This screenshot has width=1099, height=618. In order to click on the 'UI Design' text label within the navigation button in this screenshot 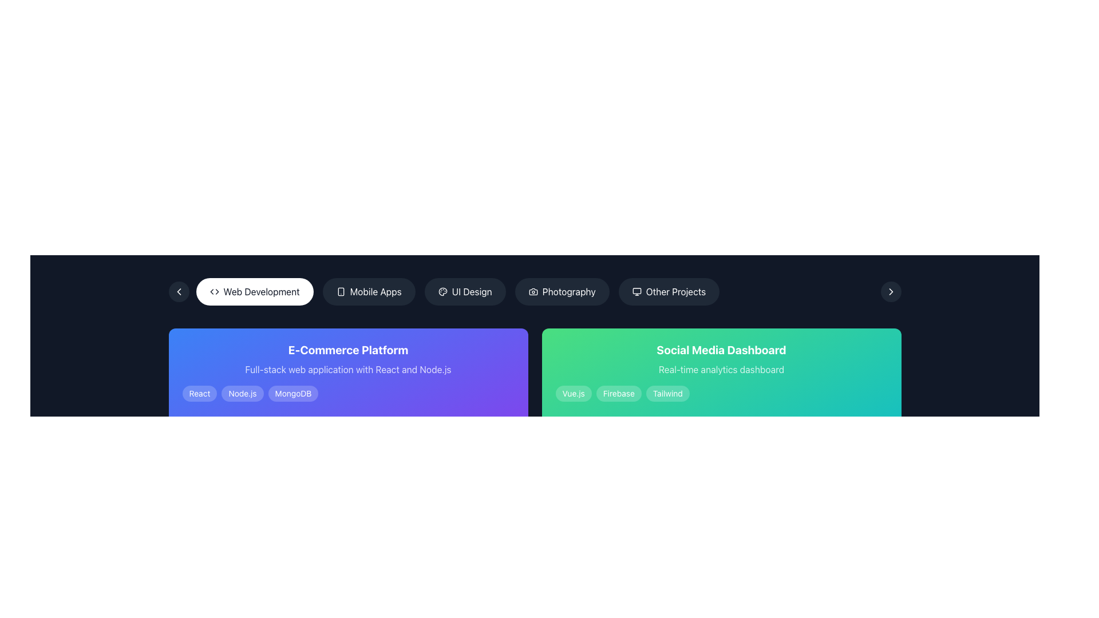, I will do `click(472, 291)`.